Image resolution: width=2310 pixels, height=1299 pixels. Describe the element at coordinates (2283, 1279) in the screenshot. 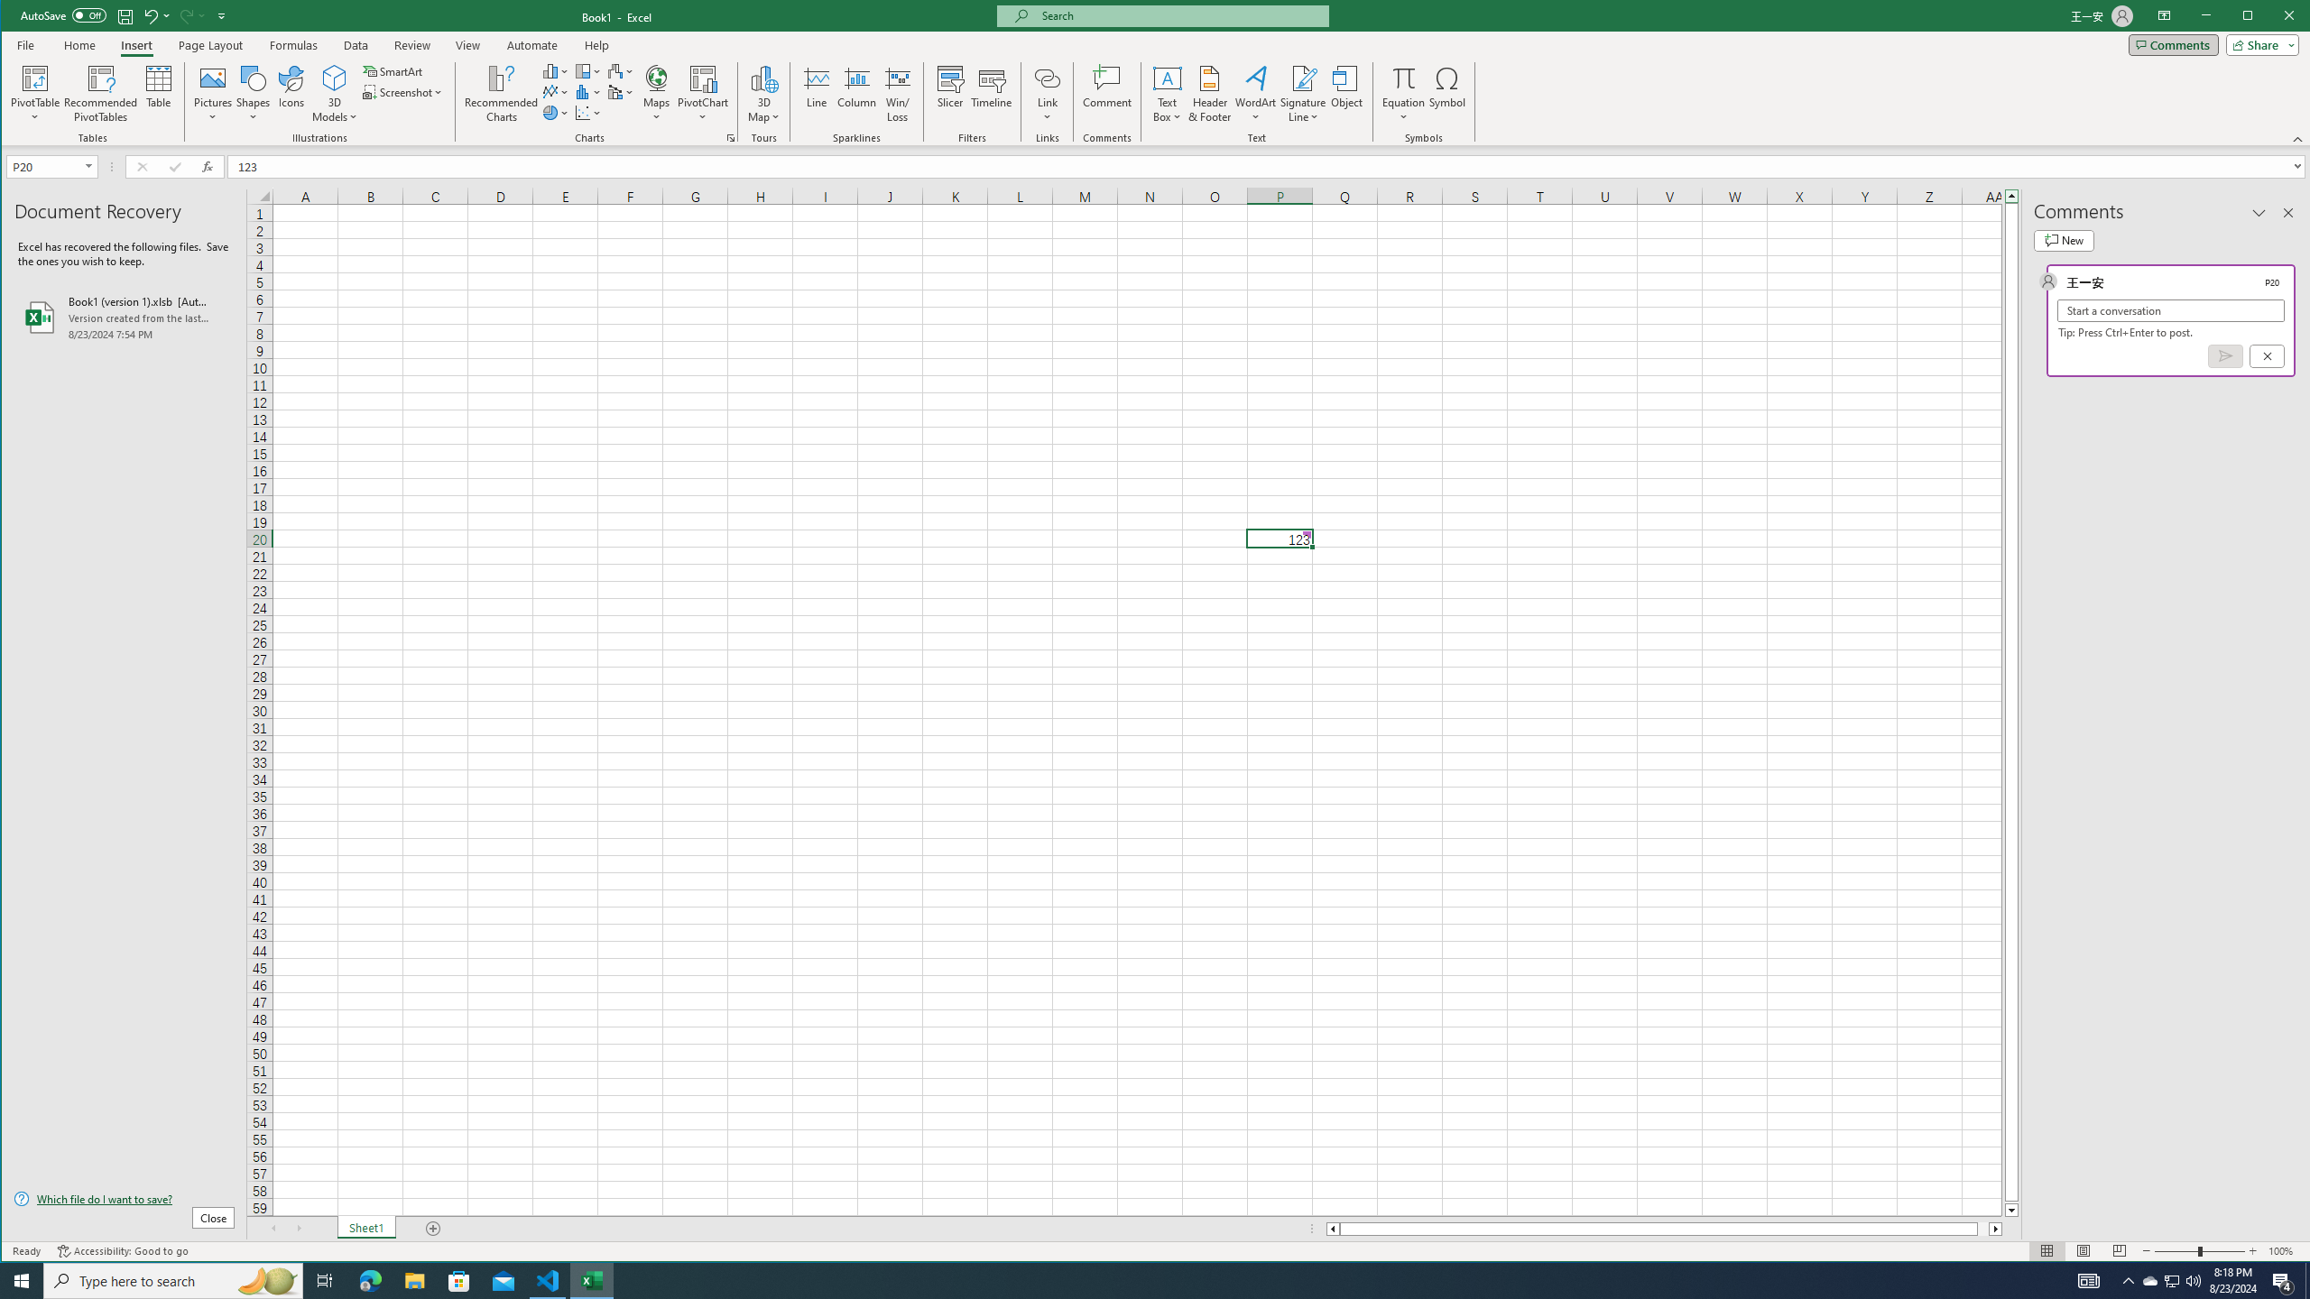

I see `'Action Center, 4 new notifications'` at that location.